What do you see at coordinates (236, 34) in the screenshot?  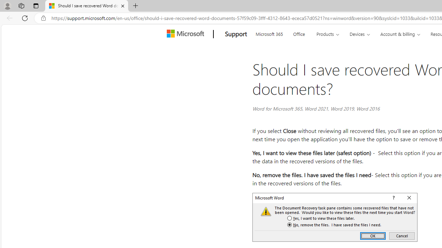 I see `'Support'` at bounding box center [236, 34].